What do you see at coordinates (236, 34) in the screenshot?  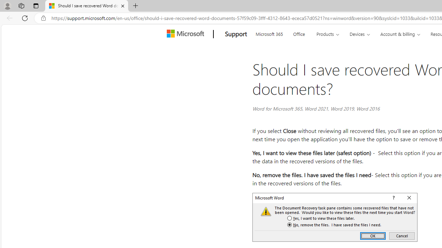 I see `'Support'` at bounding box center [236, 34].